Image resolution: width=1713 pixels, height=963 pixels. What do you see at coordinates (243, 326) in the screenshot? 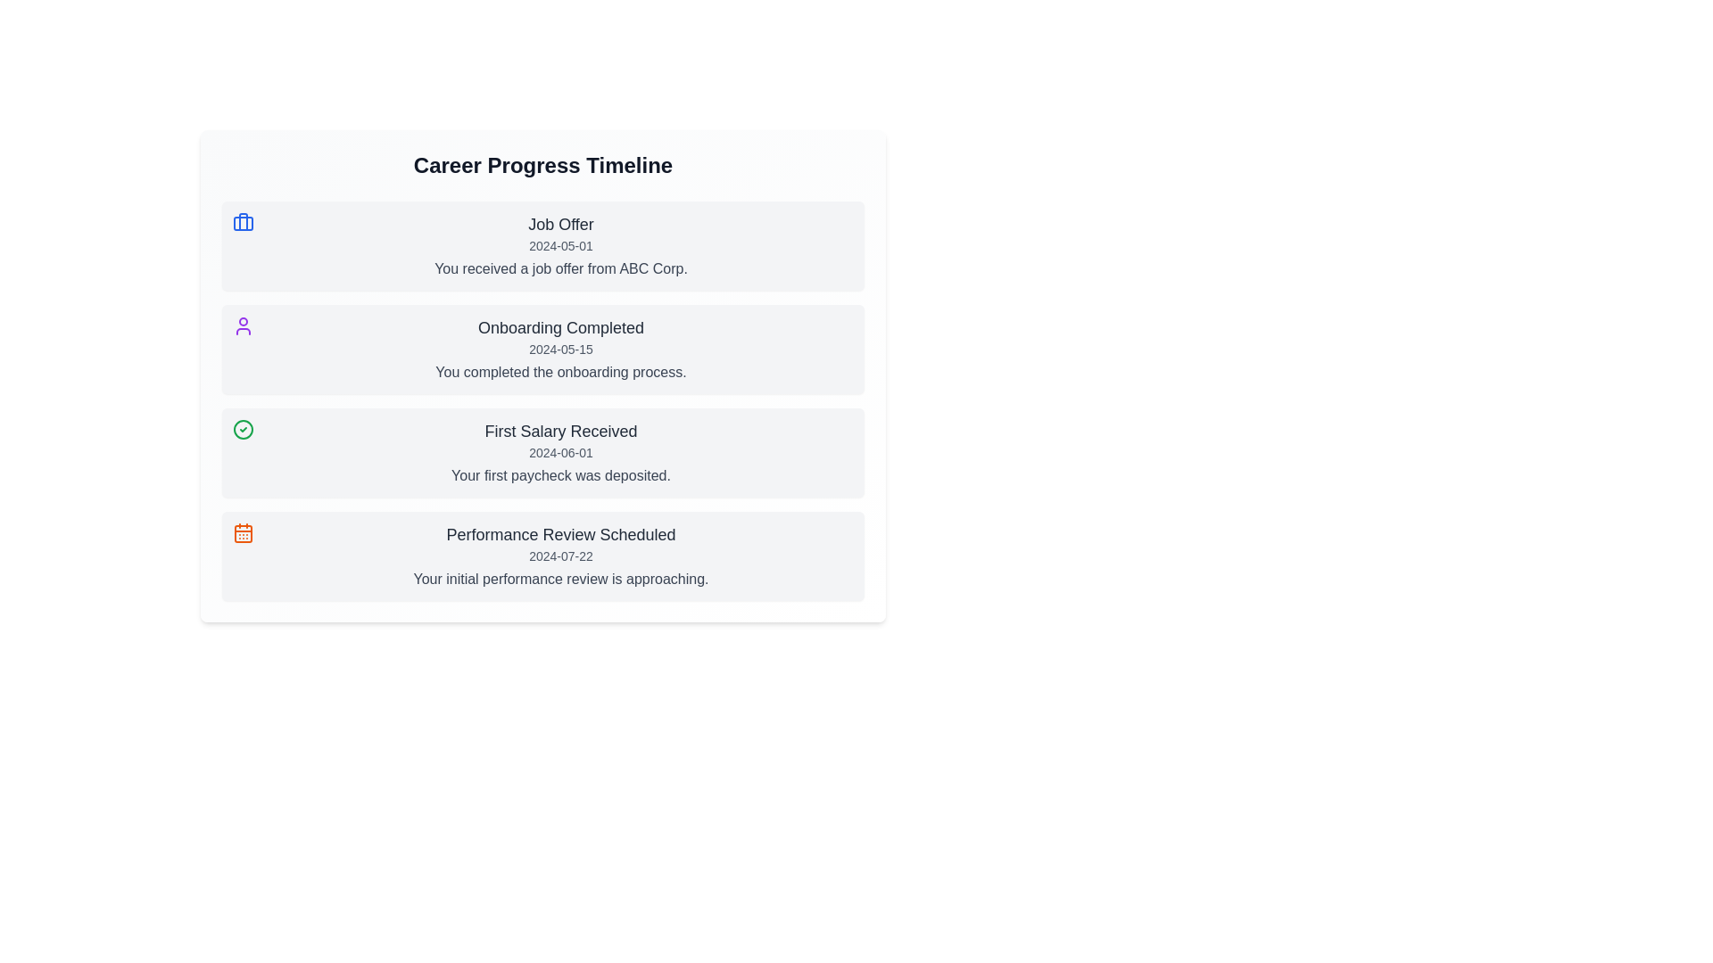
I see `the onboarding status icon located on the left side of the 'Onboarding Completed' row, above the text '2024-05-15' and 'You completed the onboarding process.'` at bounding box center [243, 326].